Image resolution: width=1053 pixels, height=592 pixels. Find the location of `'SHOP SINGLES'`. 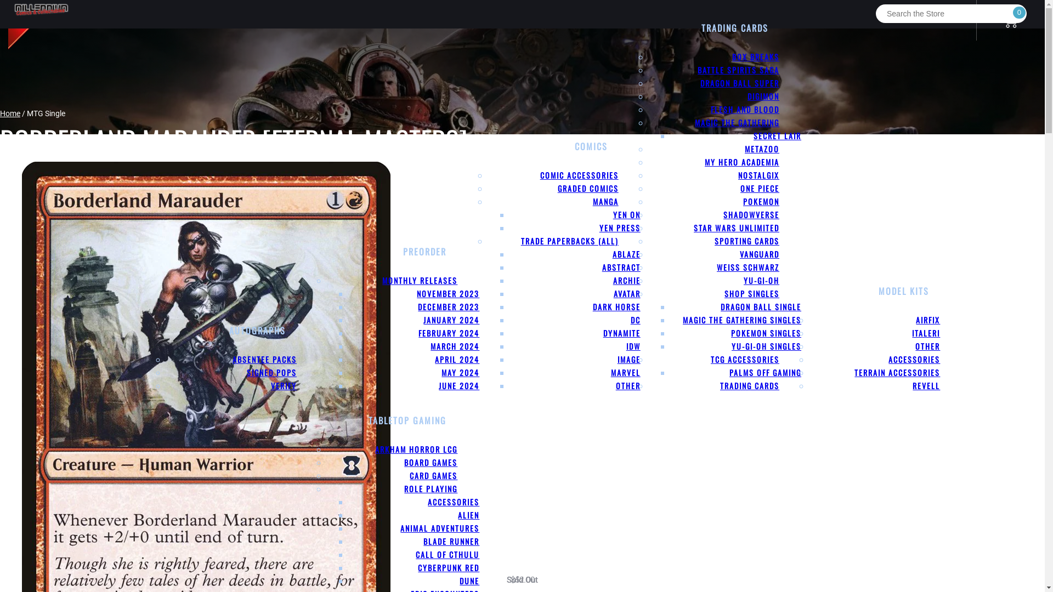

'SHOP SINGLES' is located at coordinates (751, 293).